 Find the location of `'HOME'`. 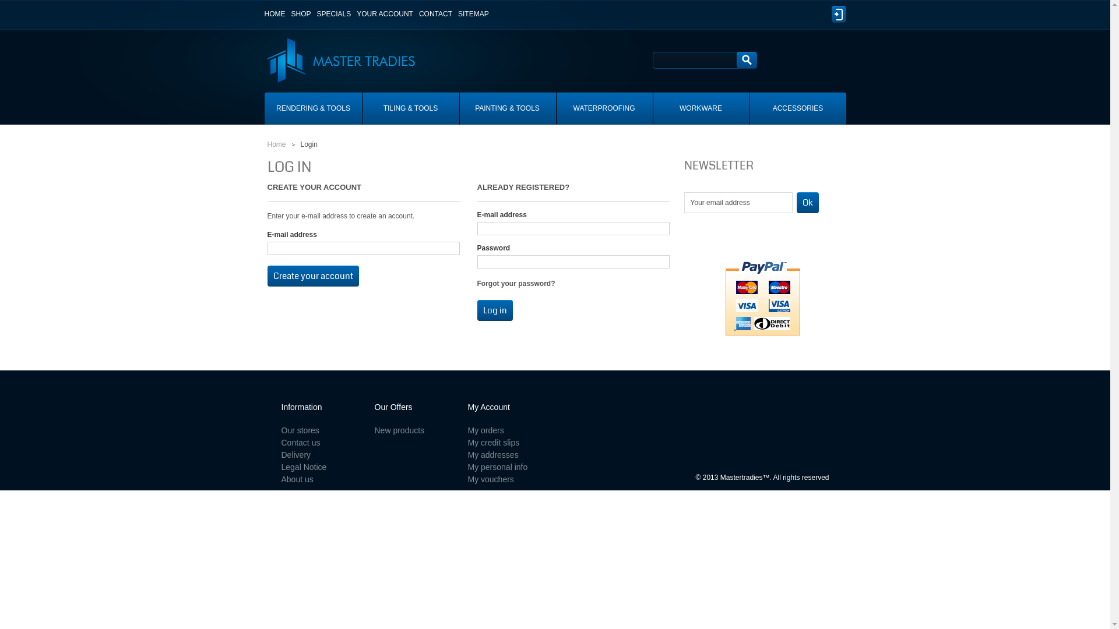

'HOME' is located at coordinates (264, 13).